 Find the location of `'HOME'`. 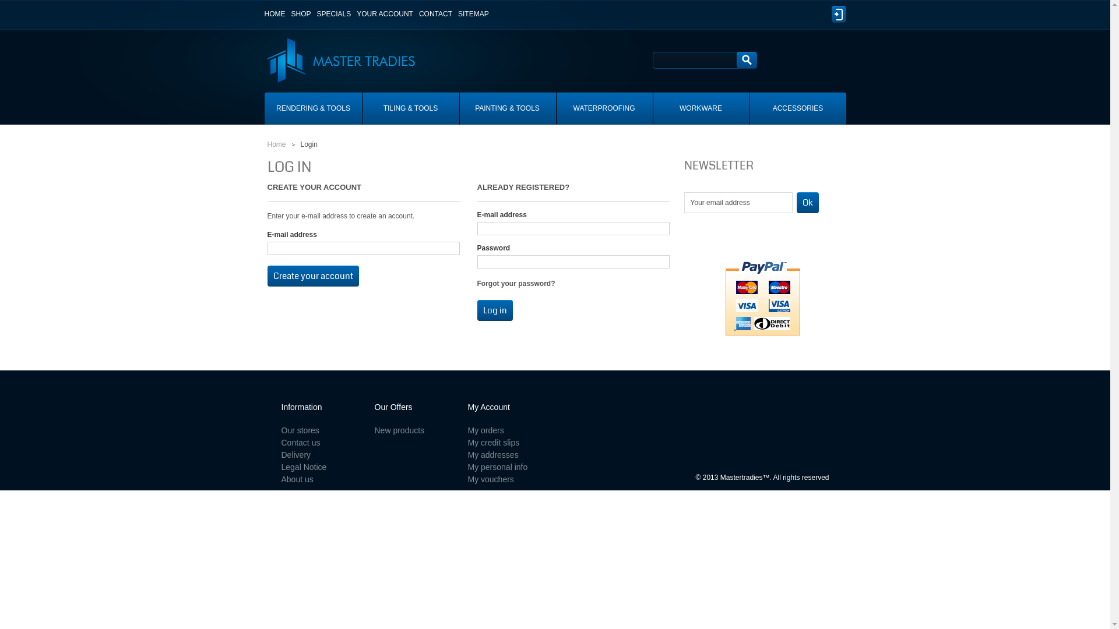

'HOME' is located at coordinates (264, 13).